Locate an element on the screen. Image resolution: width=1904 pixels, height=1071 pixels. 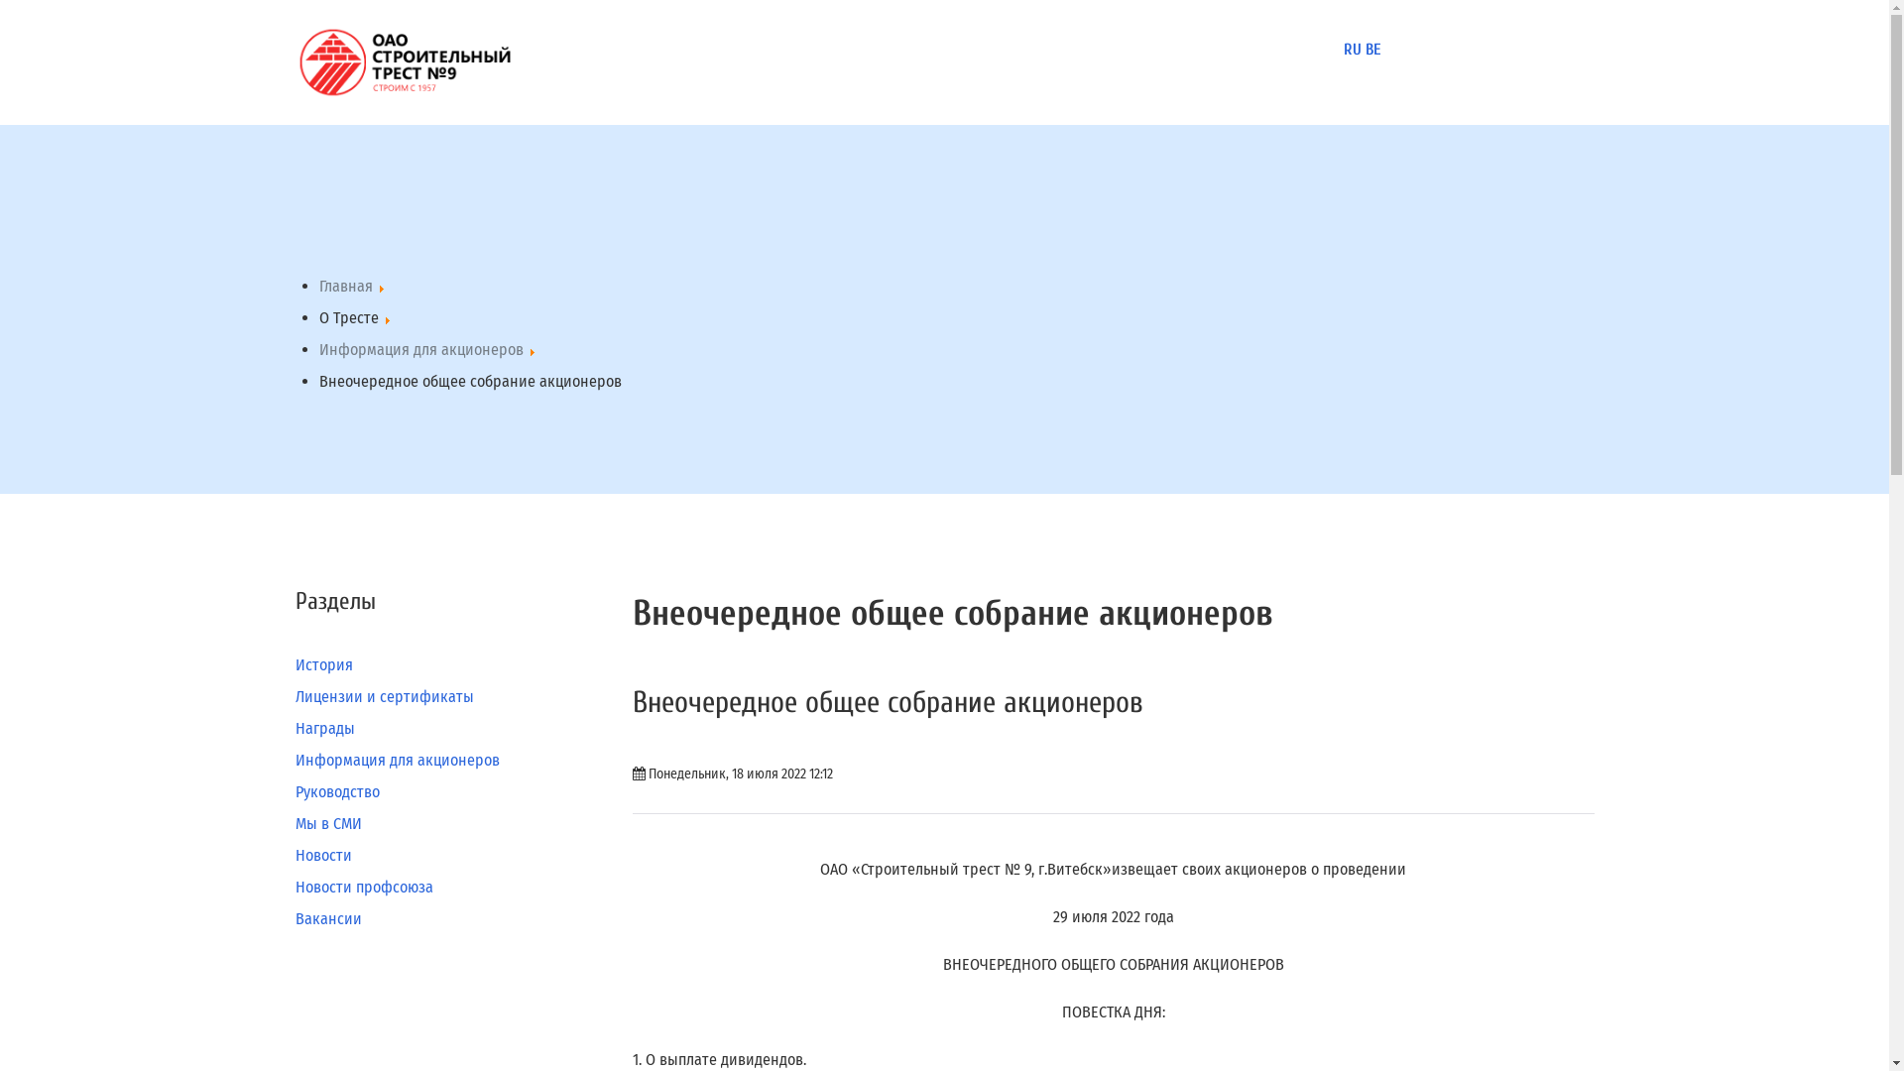
'BE' is located at coordinates (1370, 49).